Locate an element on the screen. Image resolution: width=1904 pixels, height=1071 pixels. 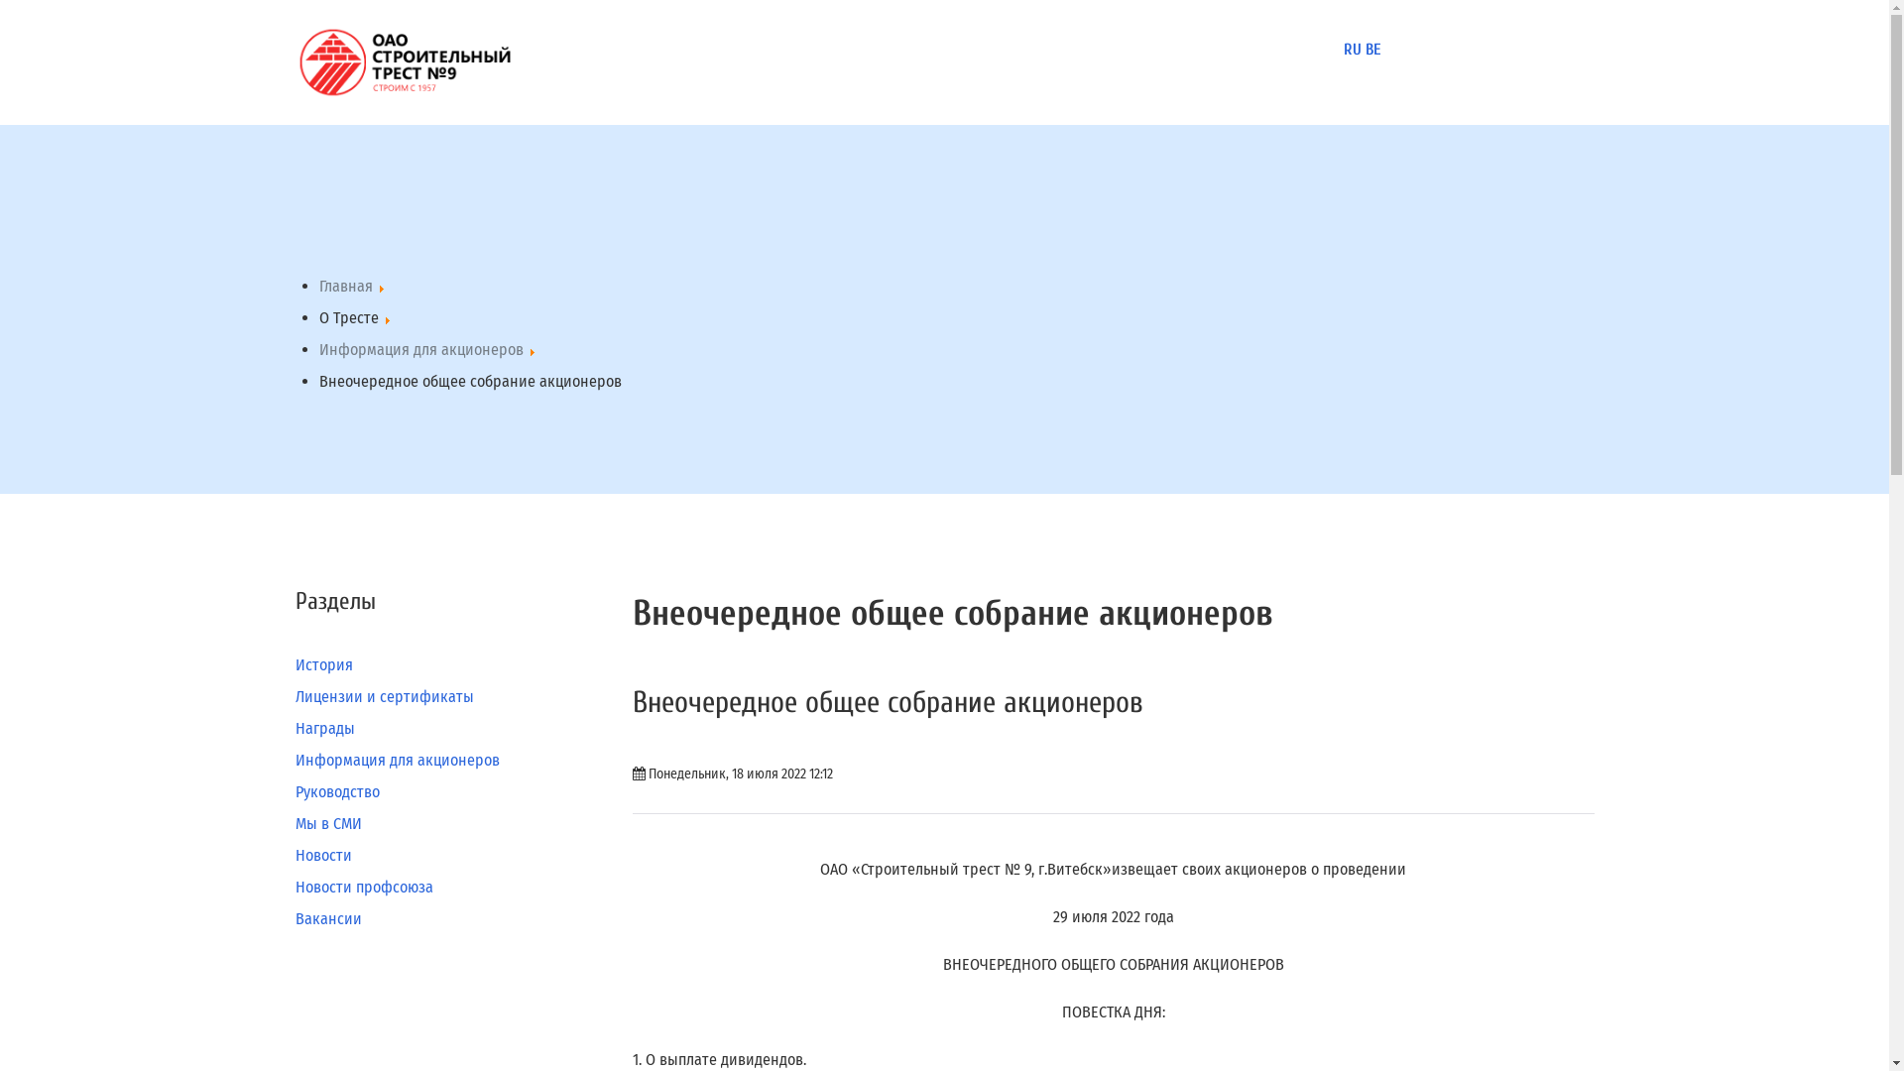
'BE' is located at coordinates (1370, 49).